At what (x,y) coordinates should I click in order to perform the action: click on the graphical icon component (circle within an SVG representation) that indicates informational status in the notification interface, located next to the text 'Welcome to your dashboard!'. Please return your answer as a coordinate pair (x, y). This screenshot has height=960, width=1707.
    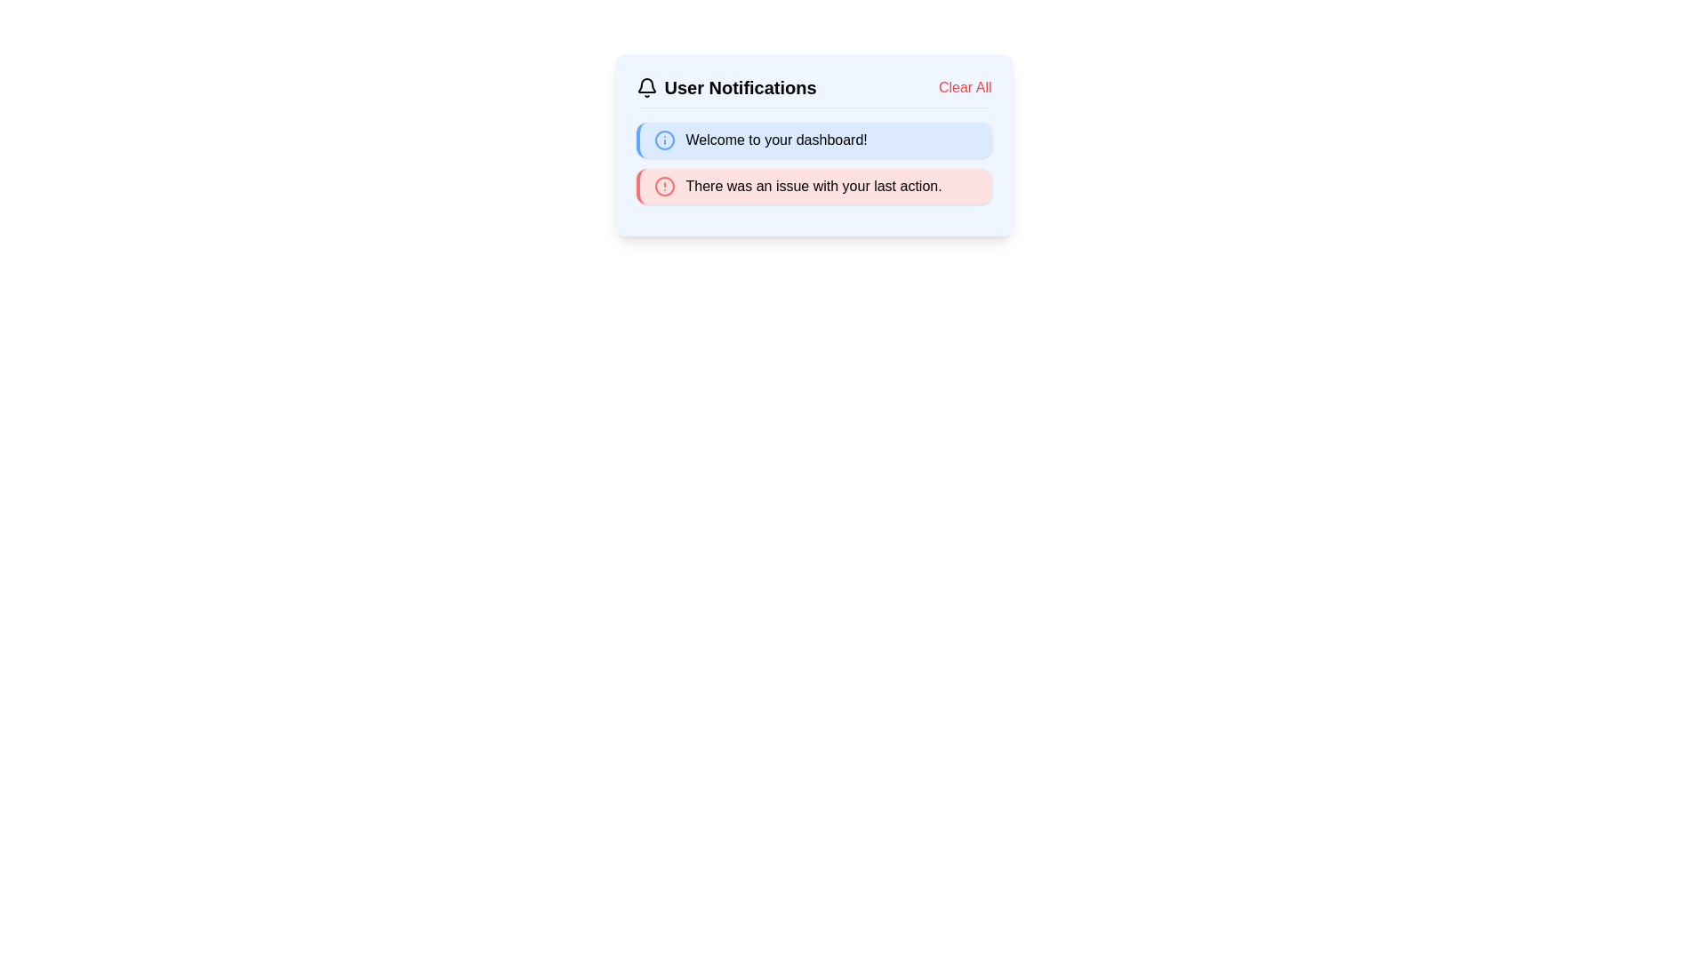
    Looking at the image, I should click on (663, 140).